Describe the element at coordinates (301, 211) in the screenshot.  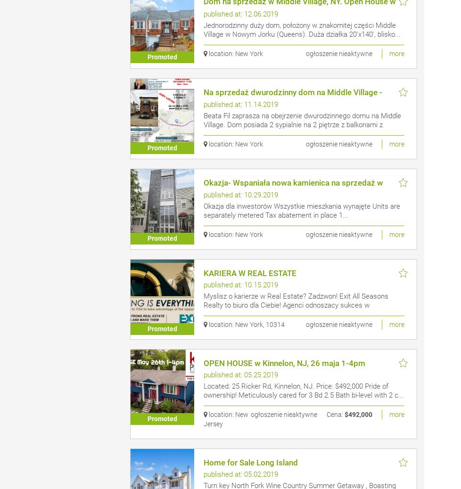
I see `'Okazja dla inwestorów
    Wszystkie mieszkania wynajęte
    Units are separately metered 
    Tax abatement in place
    1...'` at that location.